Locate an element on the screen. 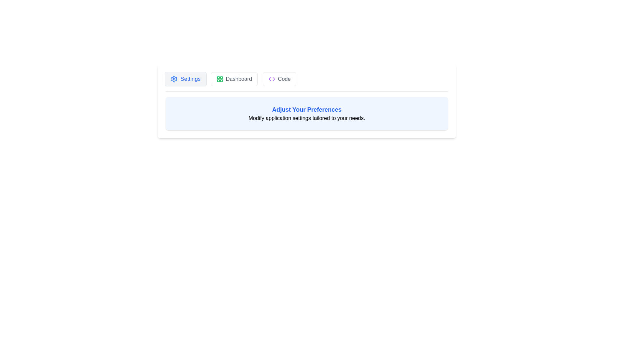  the icon of the tab labeled Dashboard is located at coordinates (220, 79).